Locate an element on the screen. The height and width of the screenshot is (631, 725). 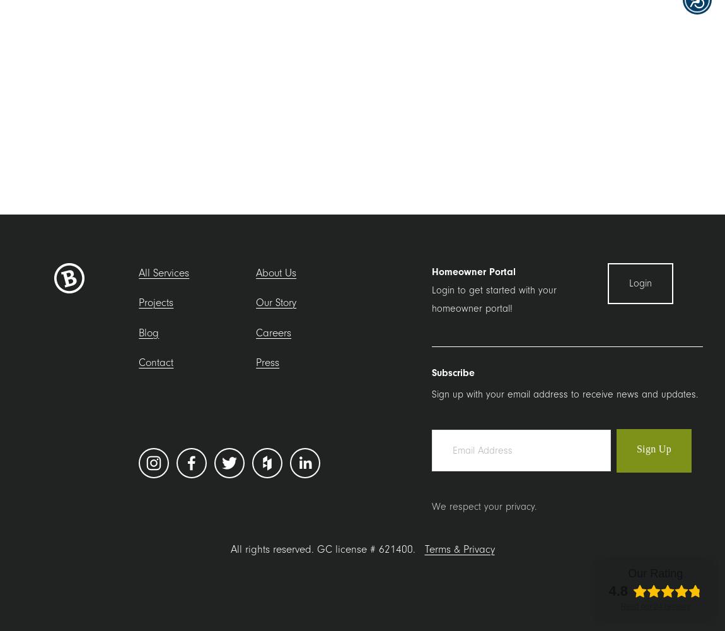
'Press' is located at coordinates (267, 361).